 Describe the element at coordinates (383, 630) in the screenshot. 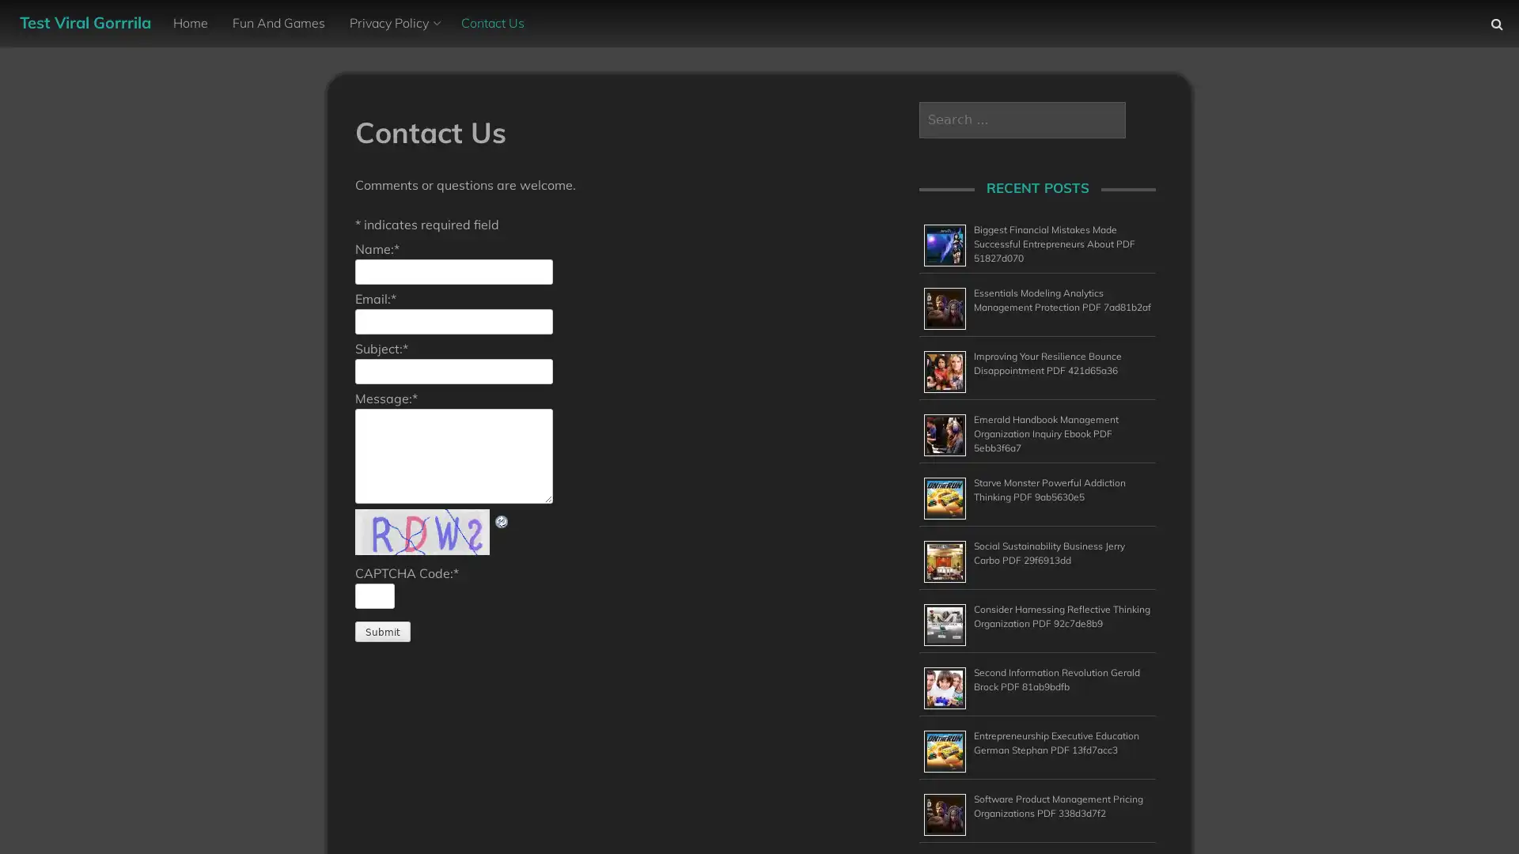

I see `Submit` at that location.